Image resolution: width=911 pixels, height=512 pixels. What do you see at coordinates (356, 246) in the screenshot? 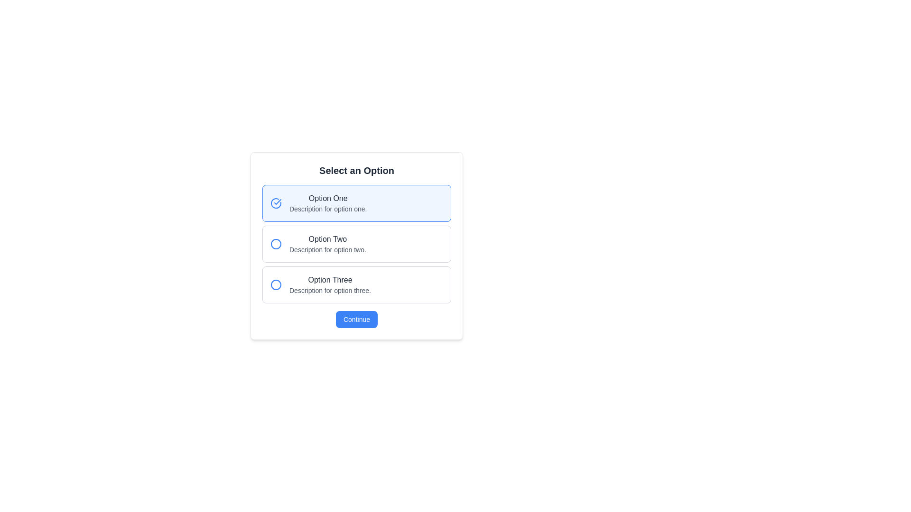
I see `the radio-button option within the unique bordered card` at bounding box center [356, 246].